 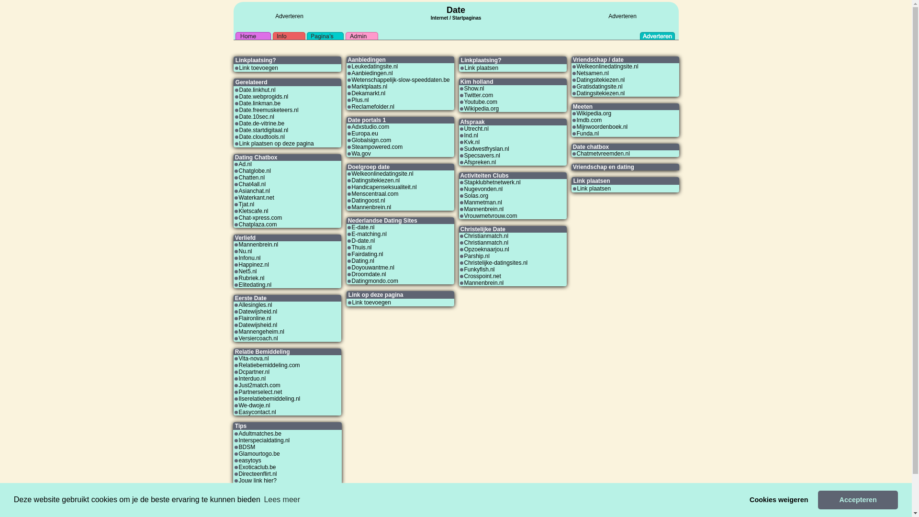 What do you see at coordinates (249, 460) in the screenshot?
I see `'easytoys'` at bounding box center [249, 460].